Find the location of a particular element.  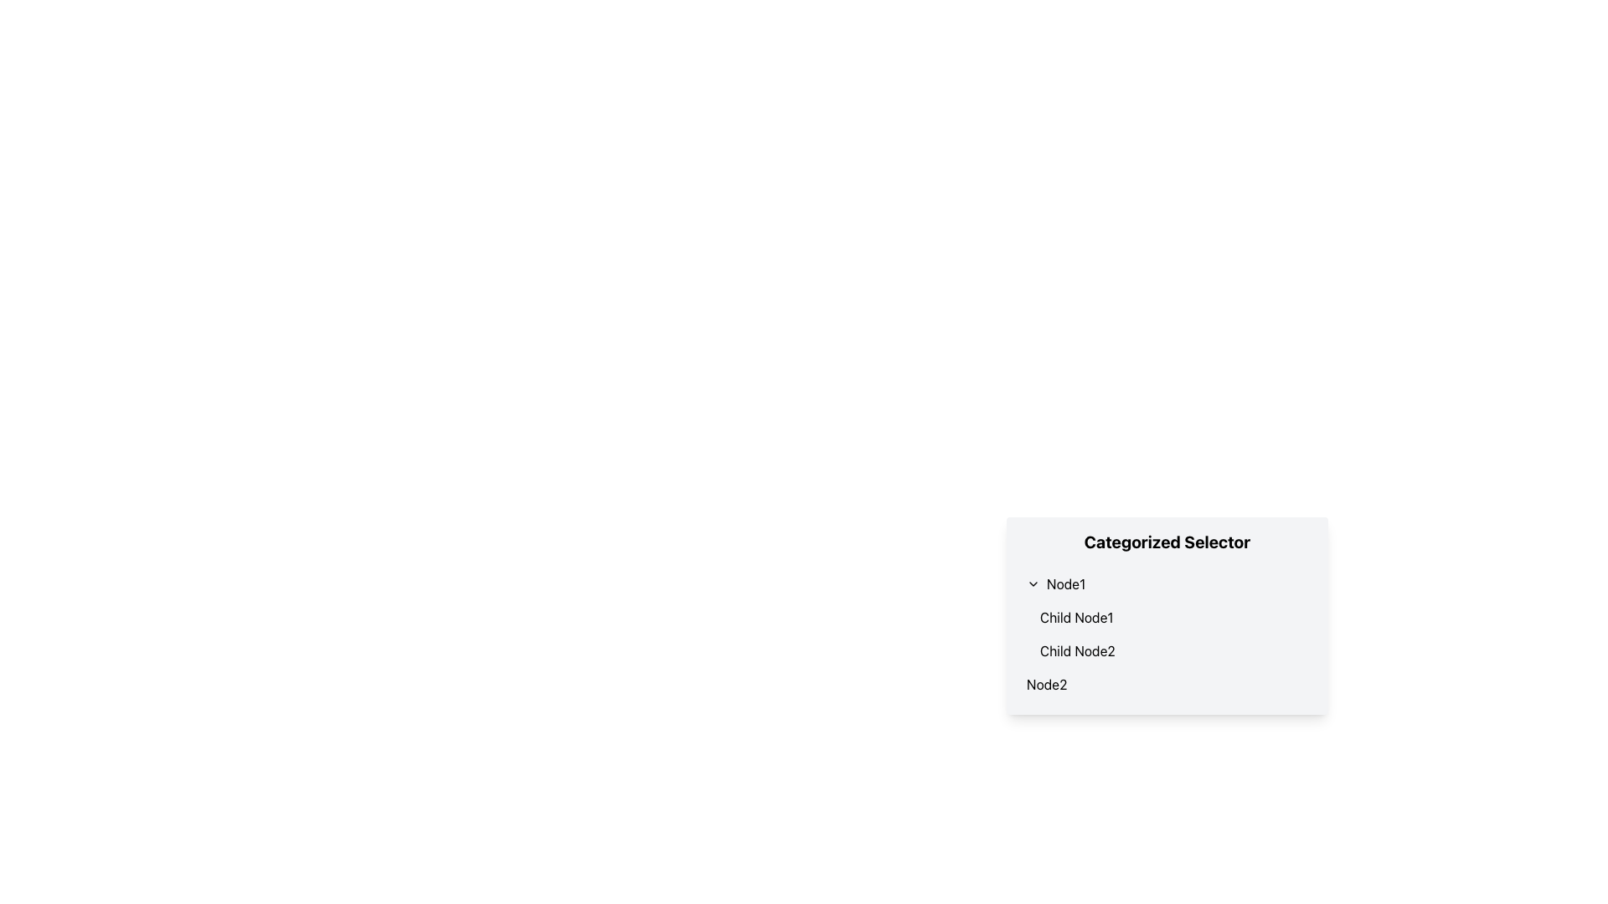

'Node2' from the Collapsible Hierarchical Menu located at the bottom right section of the interface by clicking on it is located at coordinates (1171, 690).